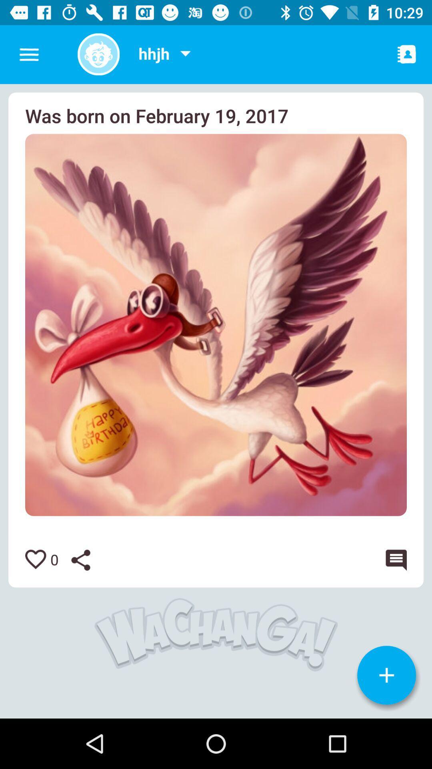  Describe the element at coordinates (407, 54) in the screenshot. I see `contacts` at that location.